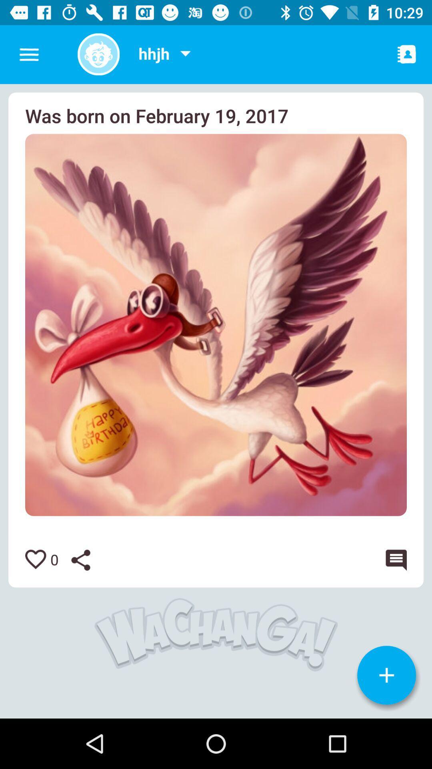  Describe the element at coordinates (407, 54) in the screenshot. I see `contacts` at that location.